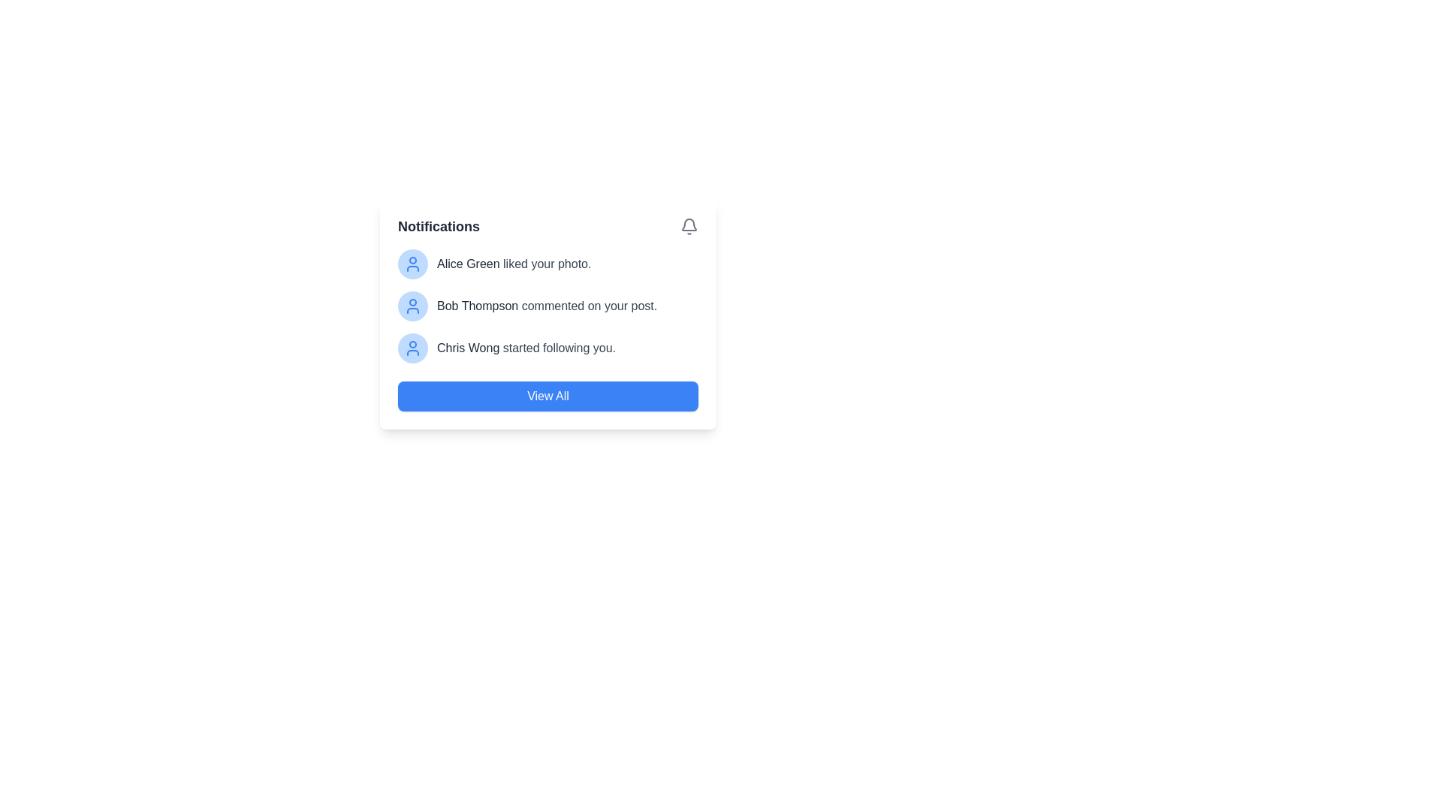  I want to click on the circular blue user profile icon representing Bob Thompson's avatar, located to the left of the notification text 'Bob Thompson commented on your post', to redirect to the user's profile, so click(413, 306).